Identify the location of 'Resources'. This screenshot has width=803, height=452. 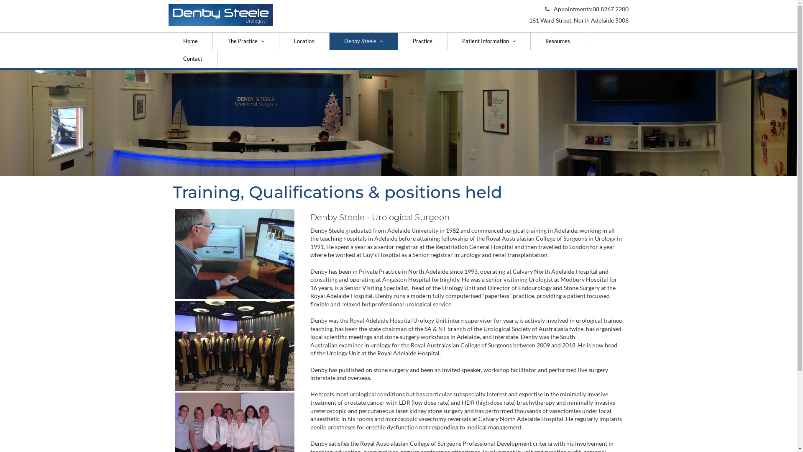
(557, 41).